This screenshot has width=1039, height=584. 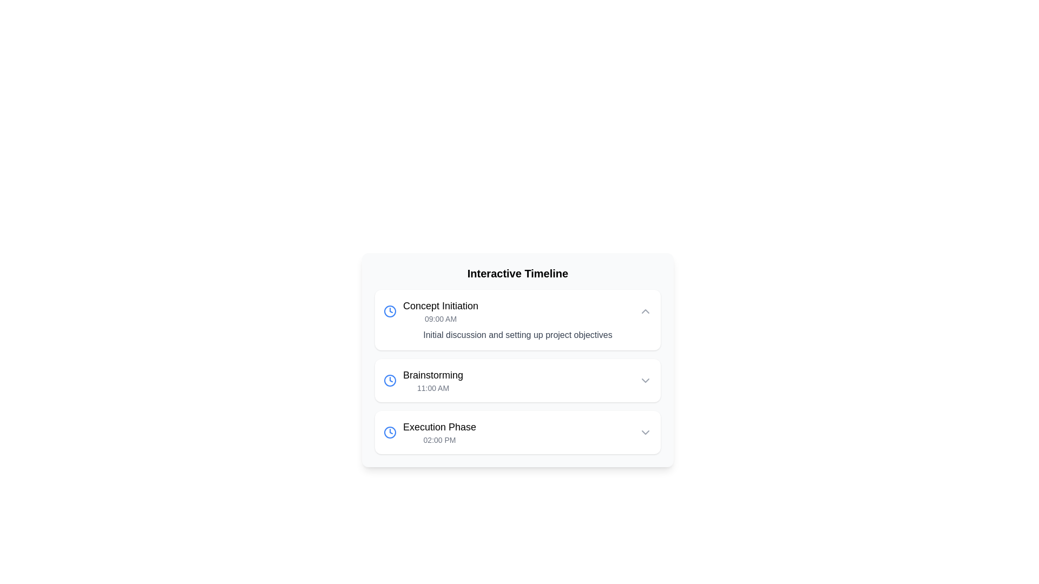 What do you see at coordinates (439, 440) in the screenshot?
I see `the text label displaying '02:00 PM' located underneath the heading 'Execution Phase' in the interactive timeline interface` at bounding box center [439, 440].